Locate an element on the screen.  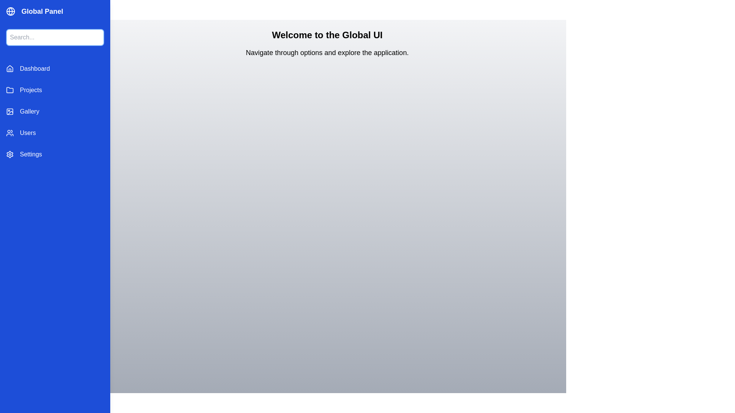
the navigation item labeled Settings to switch to its corresponding view is located at coordinates (55, 154).